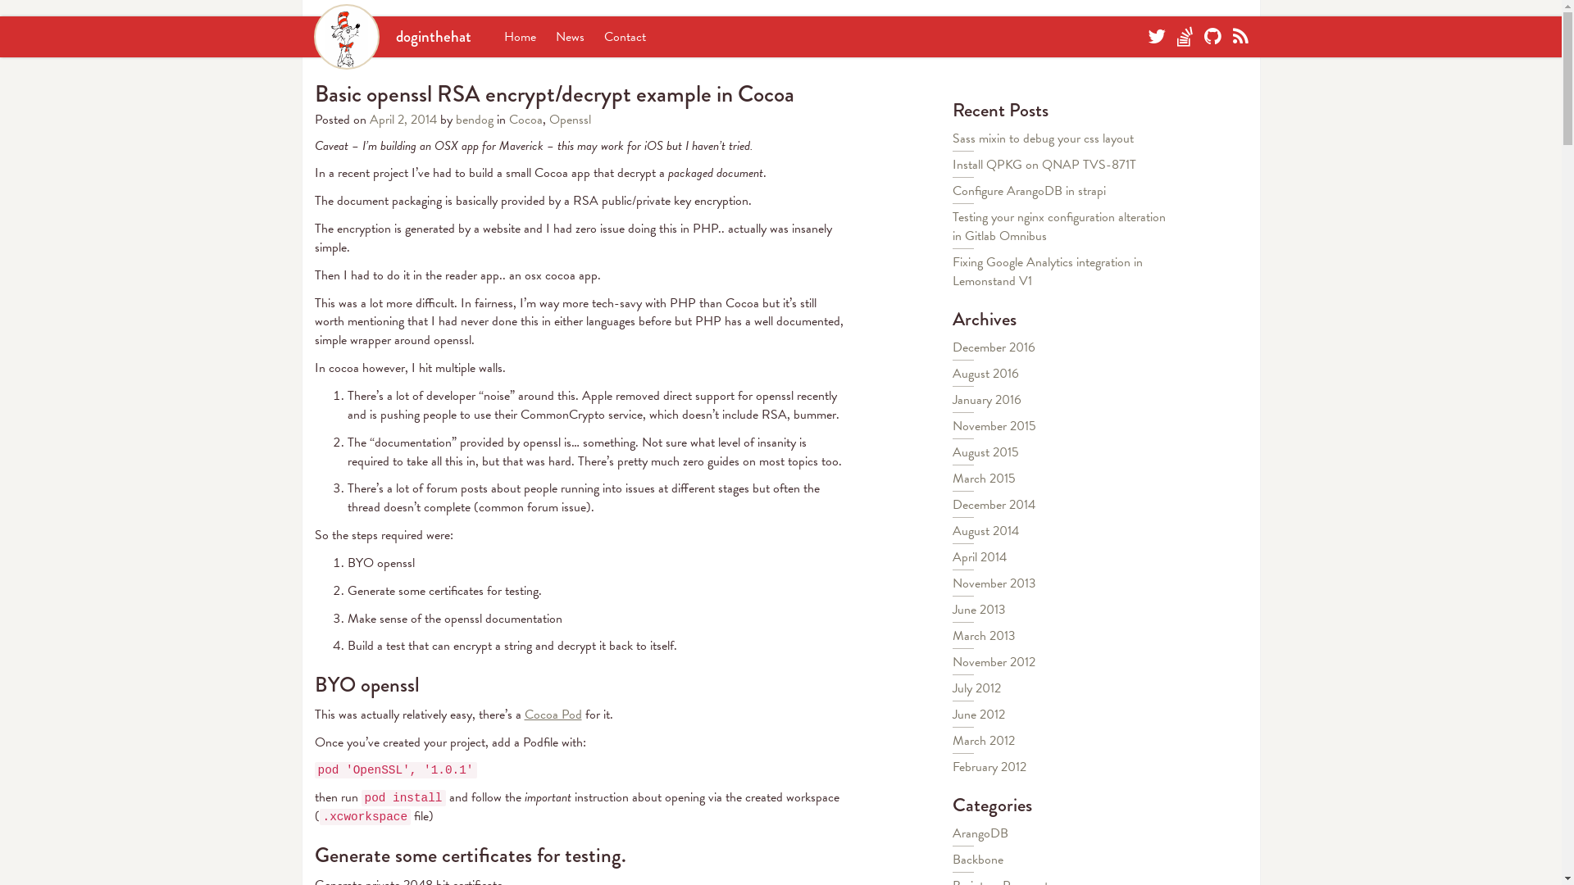  I want to click on 'April 2014', so click(980, 556).